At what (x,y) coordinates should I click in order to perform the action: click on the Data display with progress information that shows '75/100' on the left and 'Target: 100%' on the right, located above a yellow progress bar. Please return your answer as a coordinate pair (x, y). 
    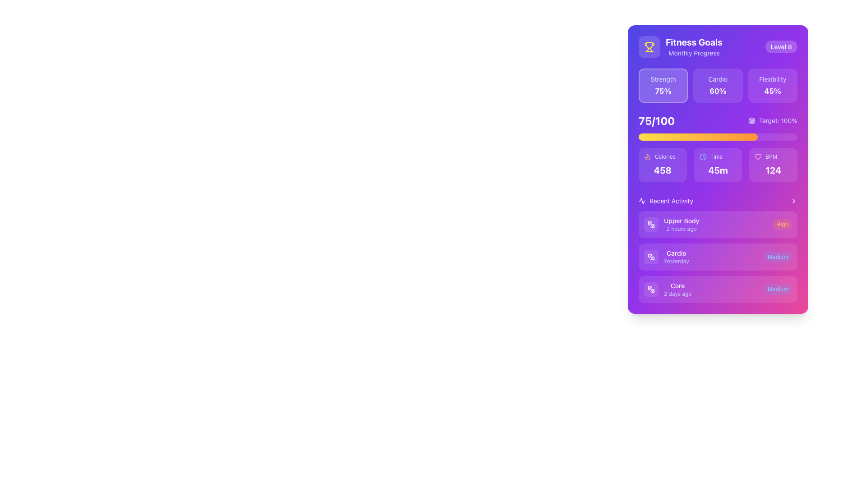
    Looking at the image, I should click on (718, 120).